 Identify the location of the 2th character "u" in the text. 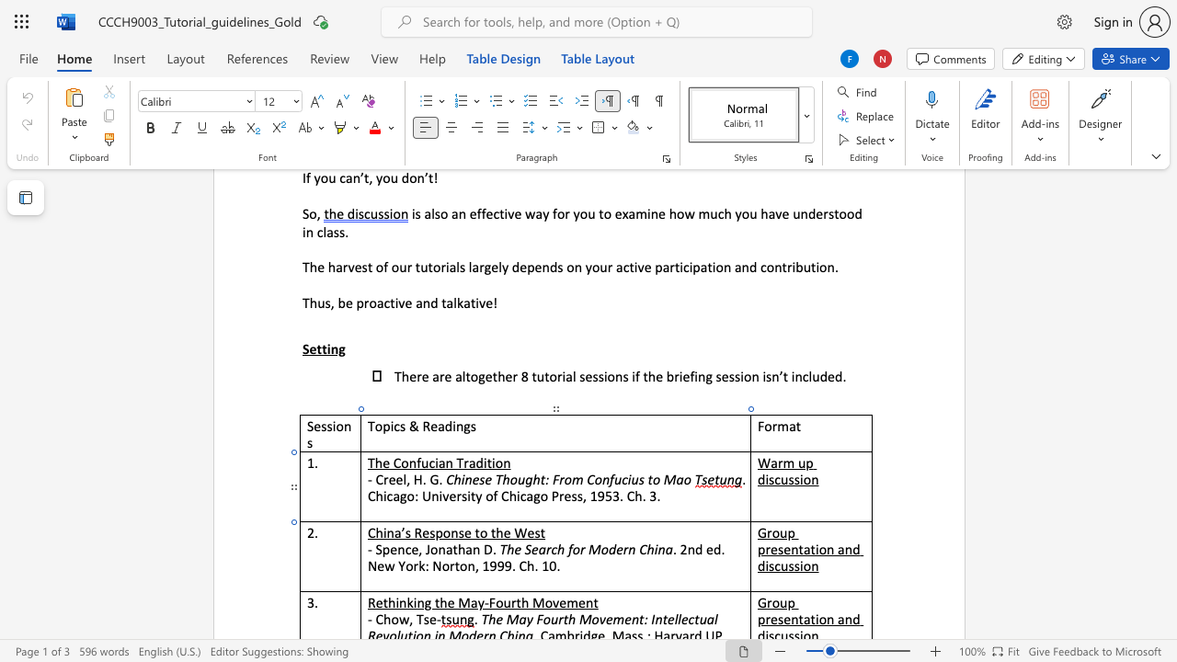
(784, 478).